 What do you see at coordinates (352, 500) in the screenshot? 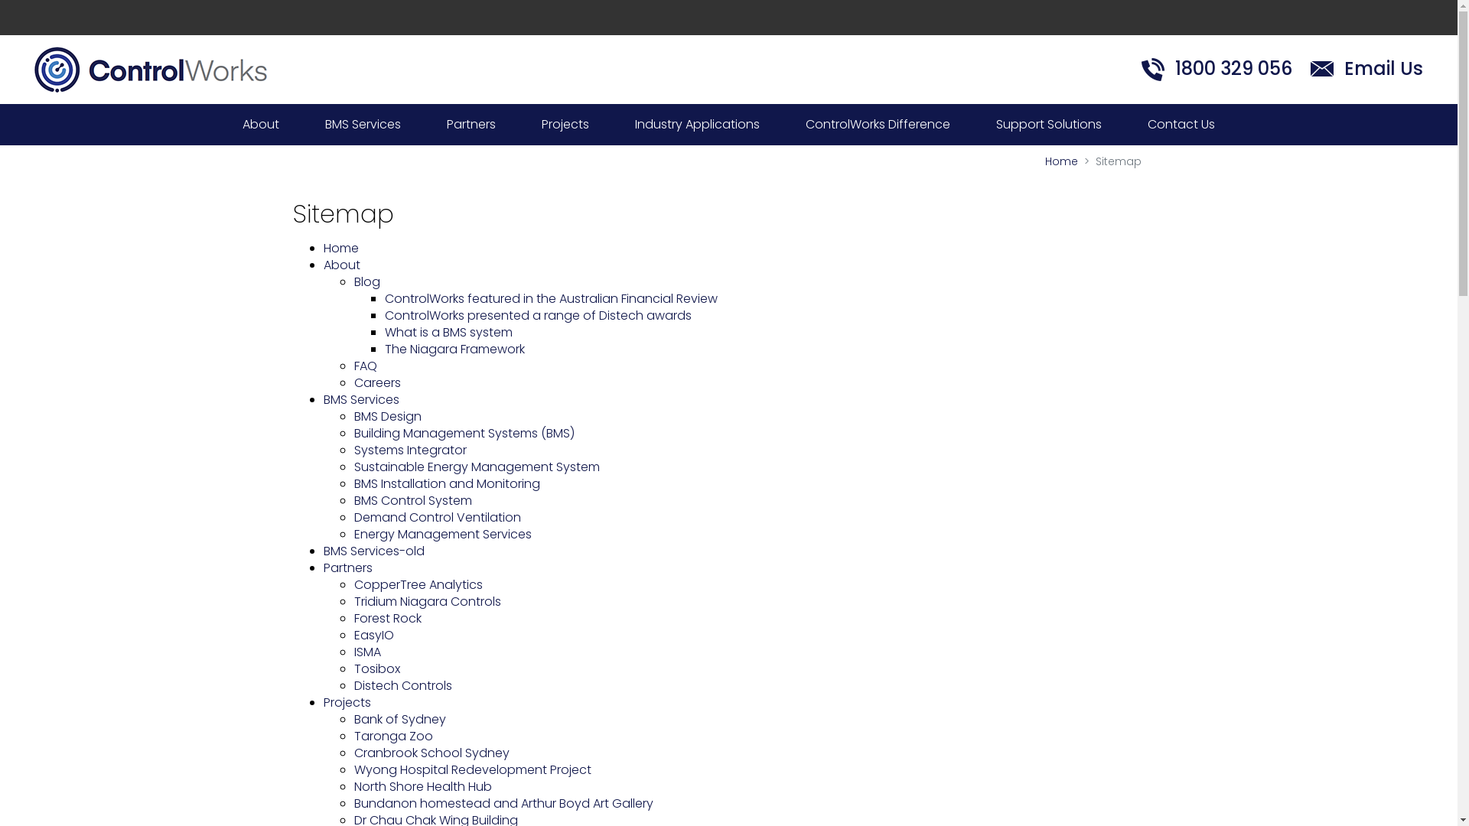
I see `'BMS Control System'` at bounding box center [352, 500].